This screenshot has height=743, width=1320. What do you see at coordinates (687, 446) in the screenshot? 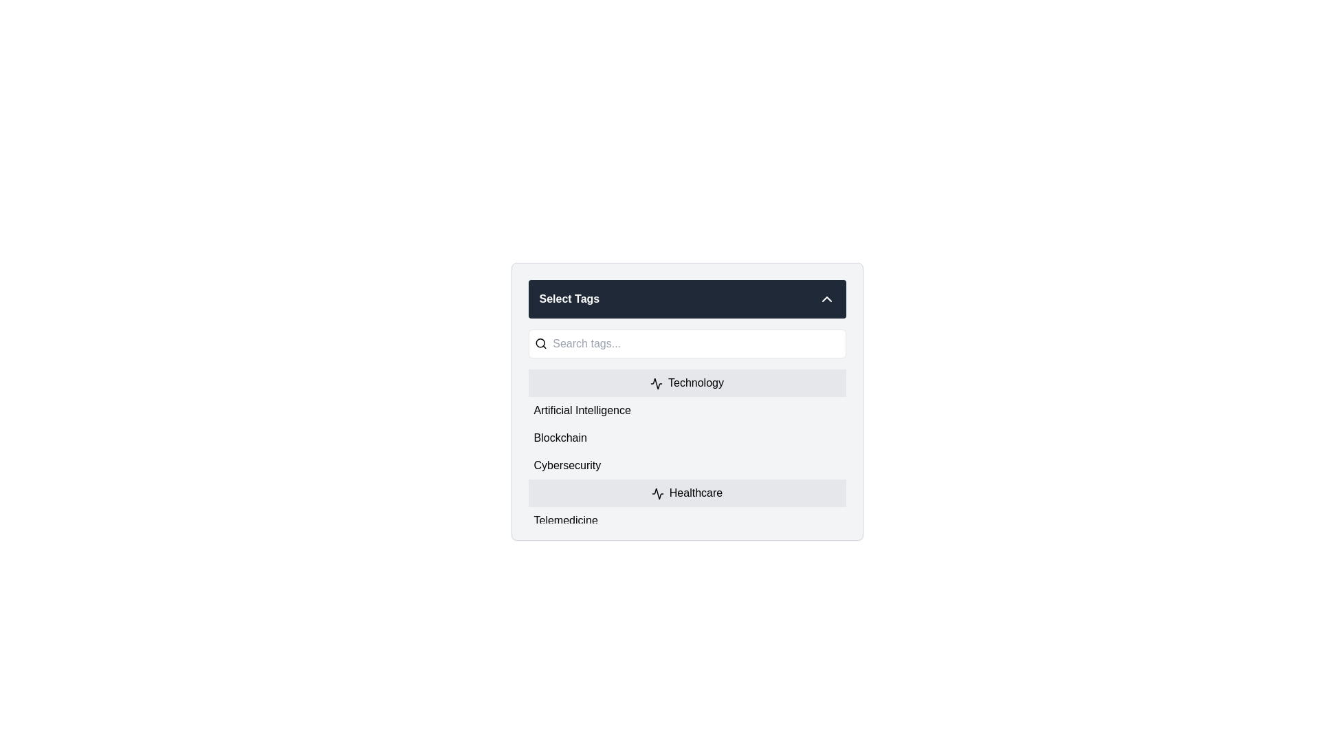
I see `the 'Blockchain' category tag within the vertical list, located between 'Artificial Intelligence' and 'Cybersecurity'` at bounding box center [687, 446].